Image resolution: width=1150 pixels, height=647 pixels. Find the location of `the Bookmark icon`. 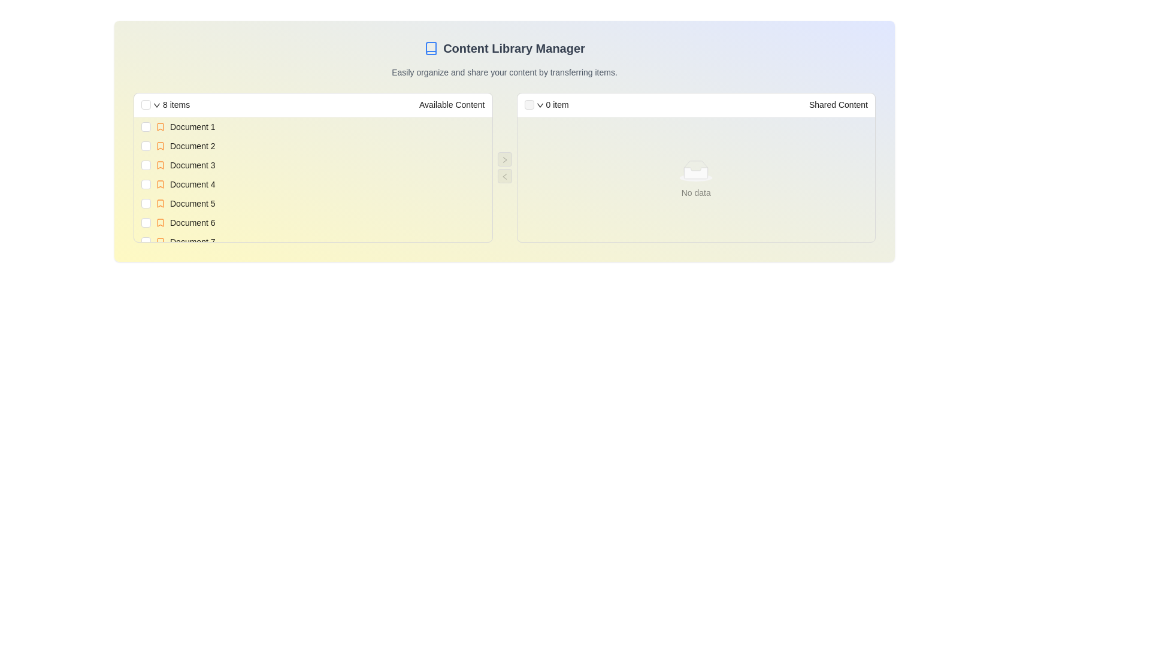

the Bookmark icon is located at coordinates (160, 222).